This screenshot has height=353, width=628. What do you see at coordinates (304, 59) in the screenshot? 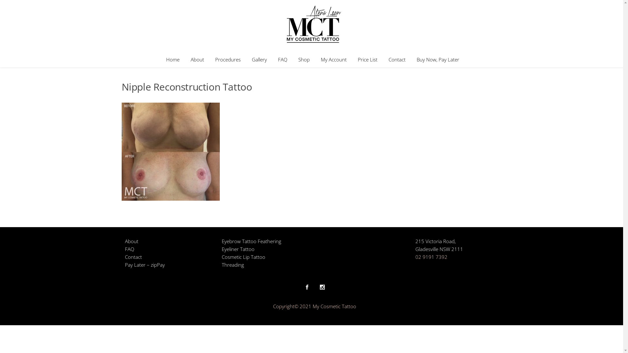
I see `'Shop'` at bounding box center [304, 59].